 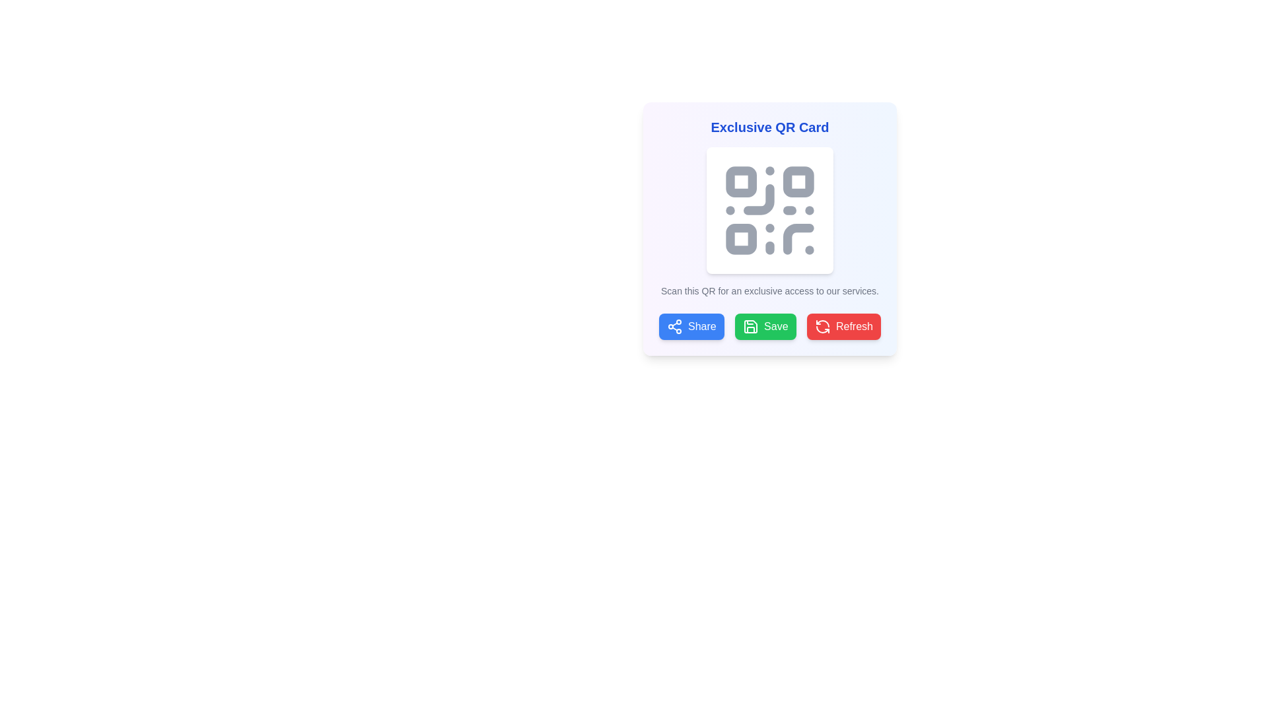 What do you see at coordinates (798, 182) in the screenshot?
I see `the small rounded gray square in the upper right quadrant of the SVG-based QR code, which is the second square among the three larger squares` at bounding box center [798, 182].